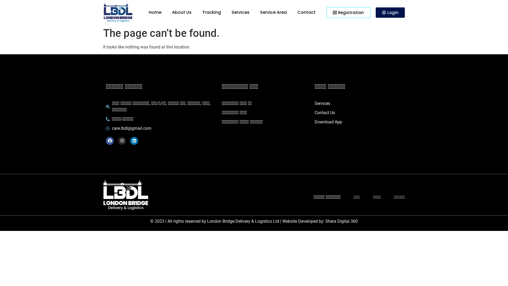  I want to click on 'Contact', so click(306, 12).